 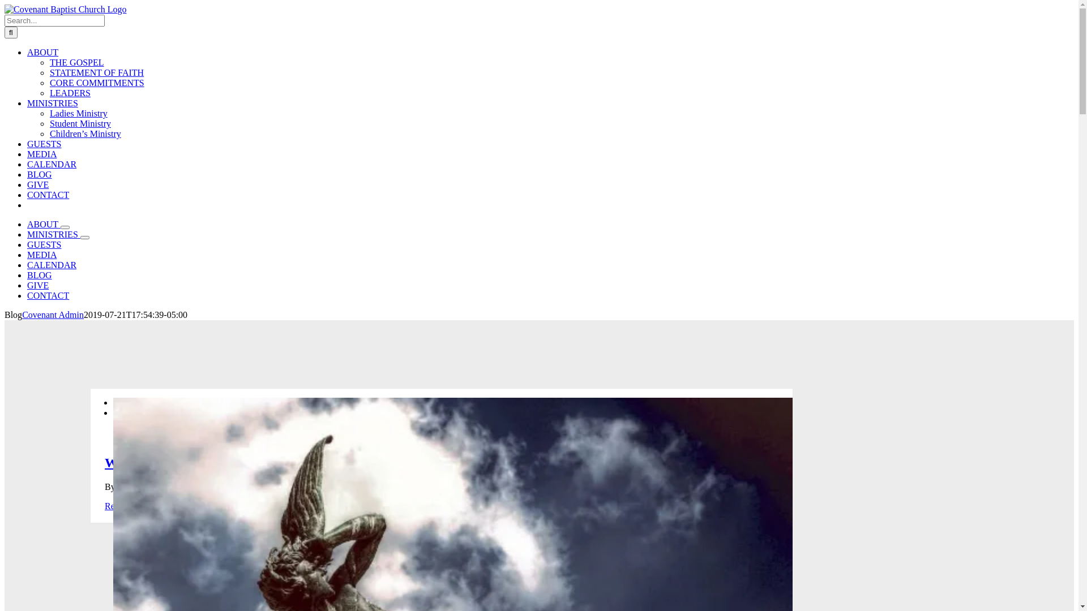 I want to click on 'GIVE', so click(x=38, y=285).